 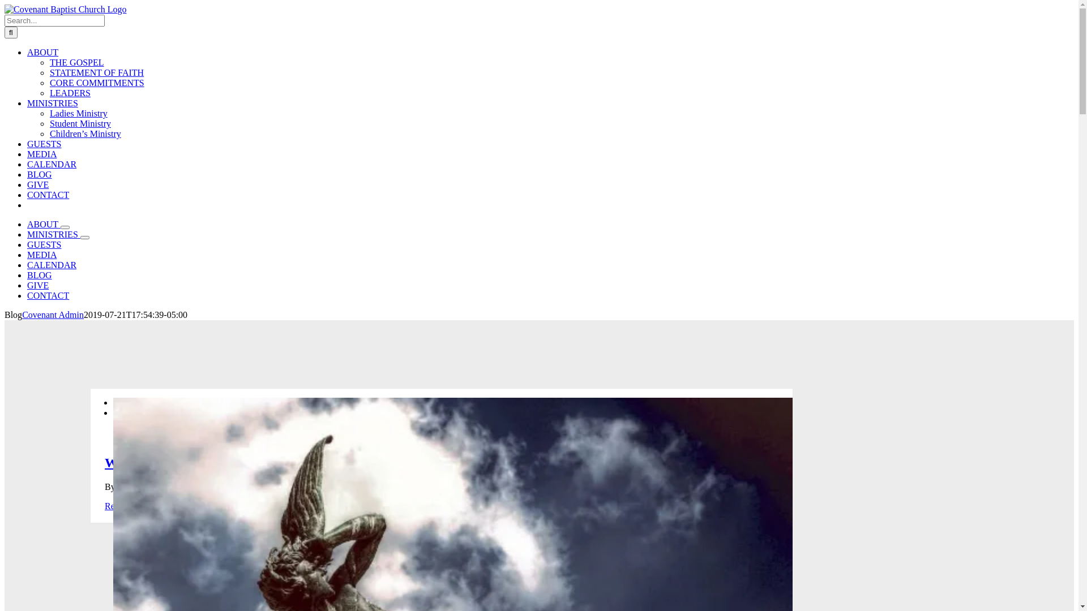 I want to click on 'GIVE', so click(x=38, y=285).